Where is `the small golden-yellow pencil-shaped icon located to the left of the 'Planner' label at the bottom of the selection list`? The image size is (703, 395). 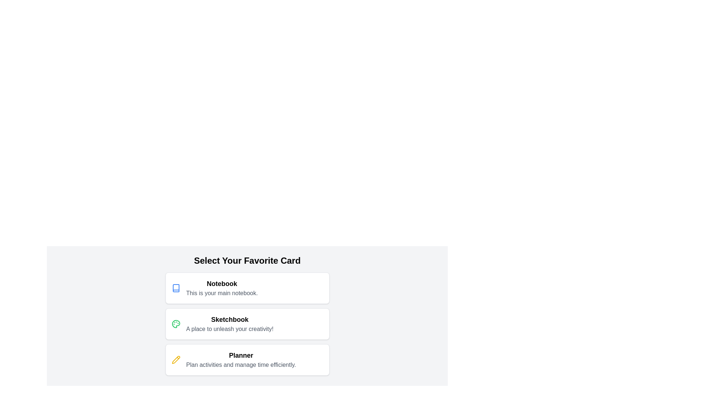 the small golden-yellow pencil-shaped icon located to the left of the 'Planner' label at the bottom of the selection list is located at coordinates (176, 359).